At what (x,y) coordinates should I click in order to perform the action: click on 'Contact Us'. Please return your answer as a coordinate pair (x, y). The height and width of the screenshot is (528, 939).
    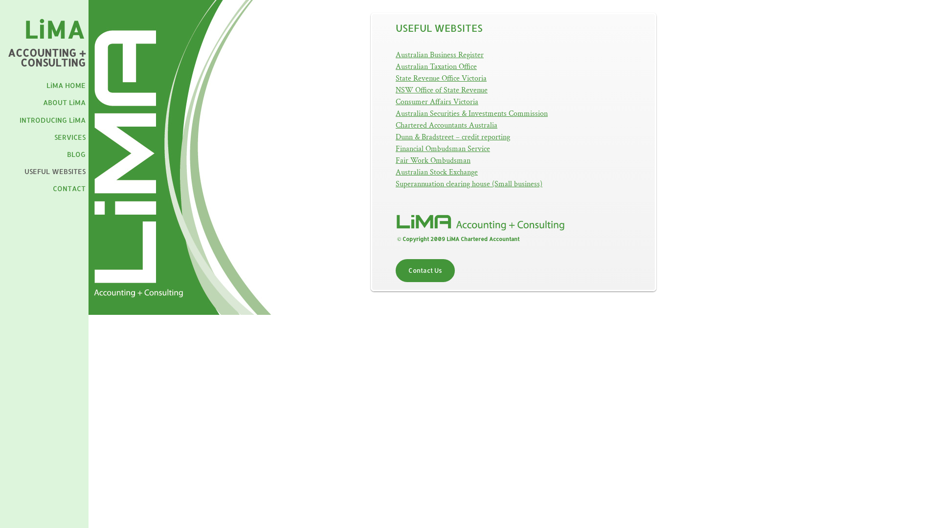
    Looking at the image, I should click on (425, 270).